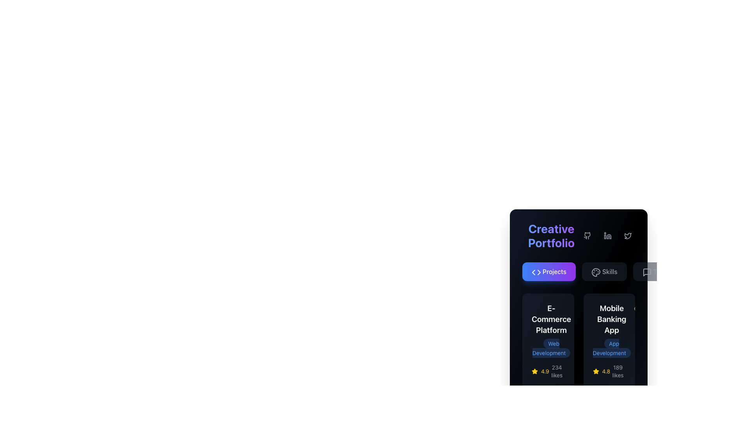 This screenshot has width=749, height=421. I want to click on text from the styled subtitle of the first project in the portfolio grid list, which serves as an informational header above the rating and likes information, so click(548, 330).